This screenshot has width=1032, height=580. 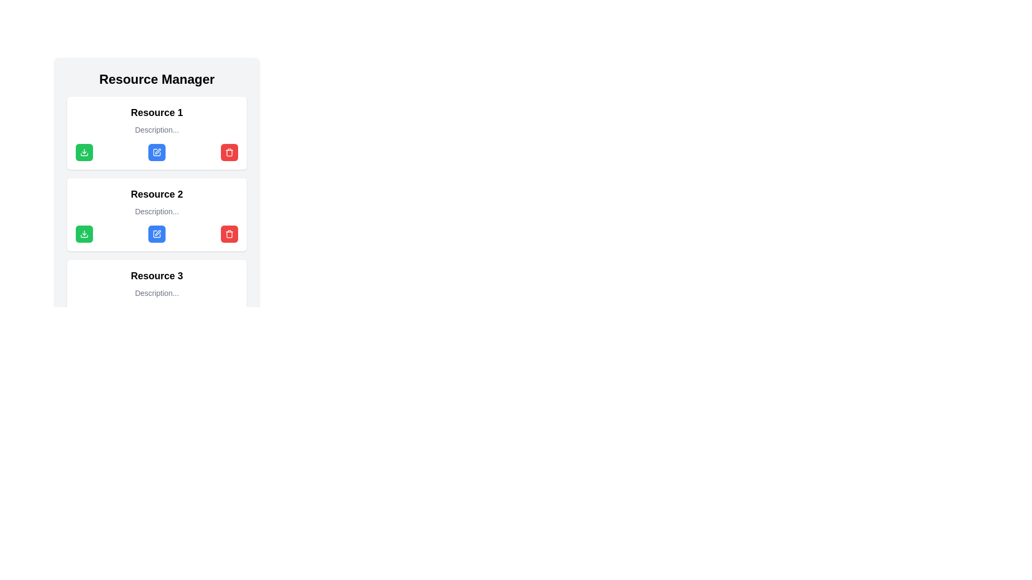 What do you see at coordinates (156, 560) in the screenshot?
I see `the pen edit icon` at bounding box center [156, 560].